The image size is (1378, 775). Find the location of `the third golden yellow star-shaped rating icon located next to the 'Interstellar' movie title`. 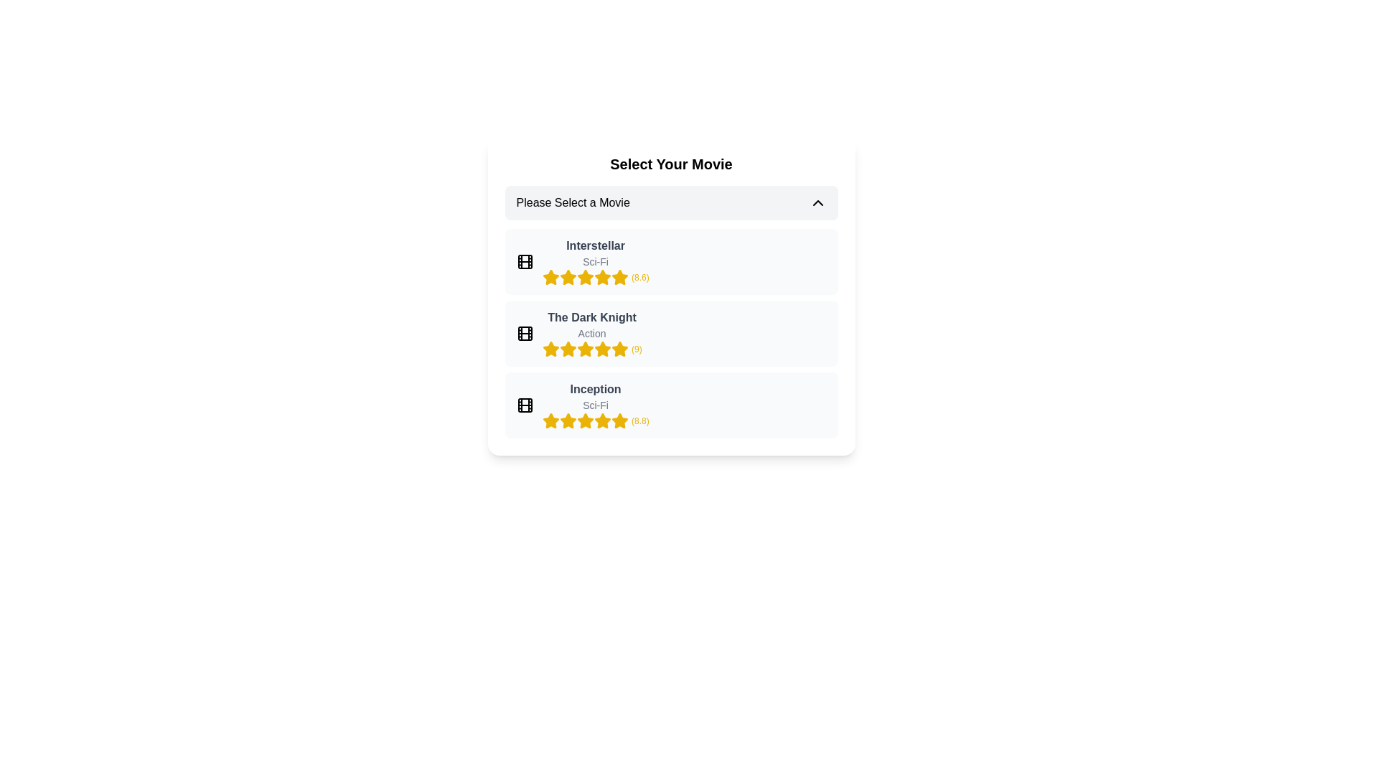

the third golden yellow star-shaped rating icon located next to the 'Interstellar' movie title is located at coordinates (602, 277).